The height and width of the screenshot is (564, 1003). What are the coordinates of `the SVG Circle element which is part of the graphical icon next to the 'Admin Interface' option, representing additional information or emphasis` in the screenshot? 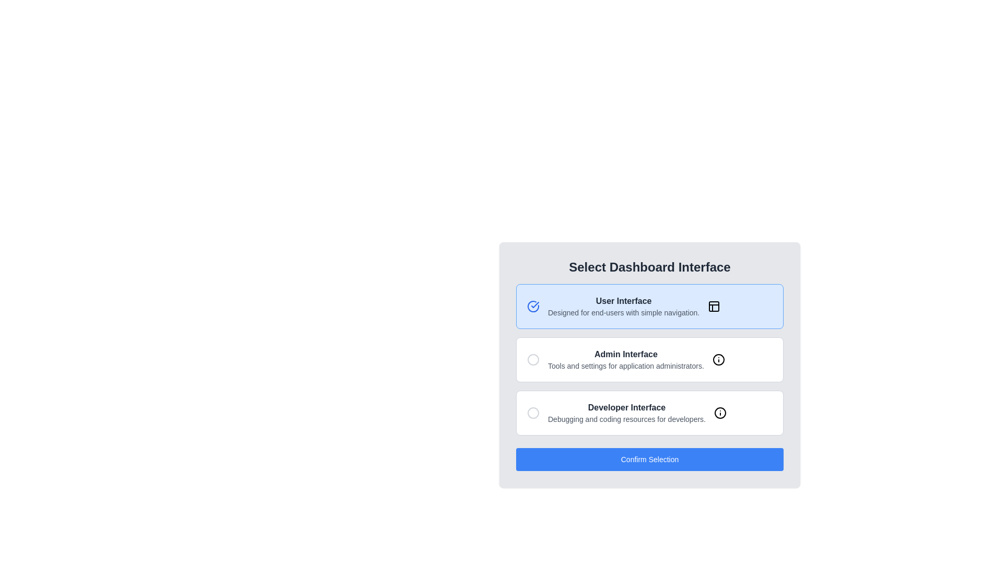 It's located at (718, 359).